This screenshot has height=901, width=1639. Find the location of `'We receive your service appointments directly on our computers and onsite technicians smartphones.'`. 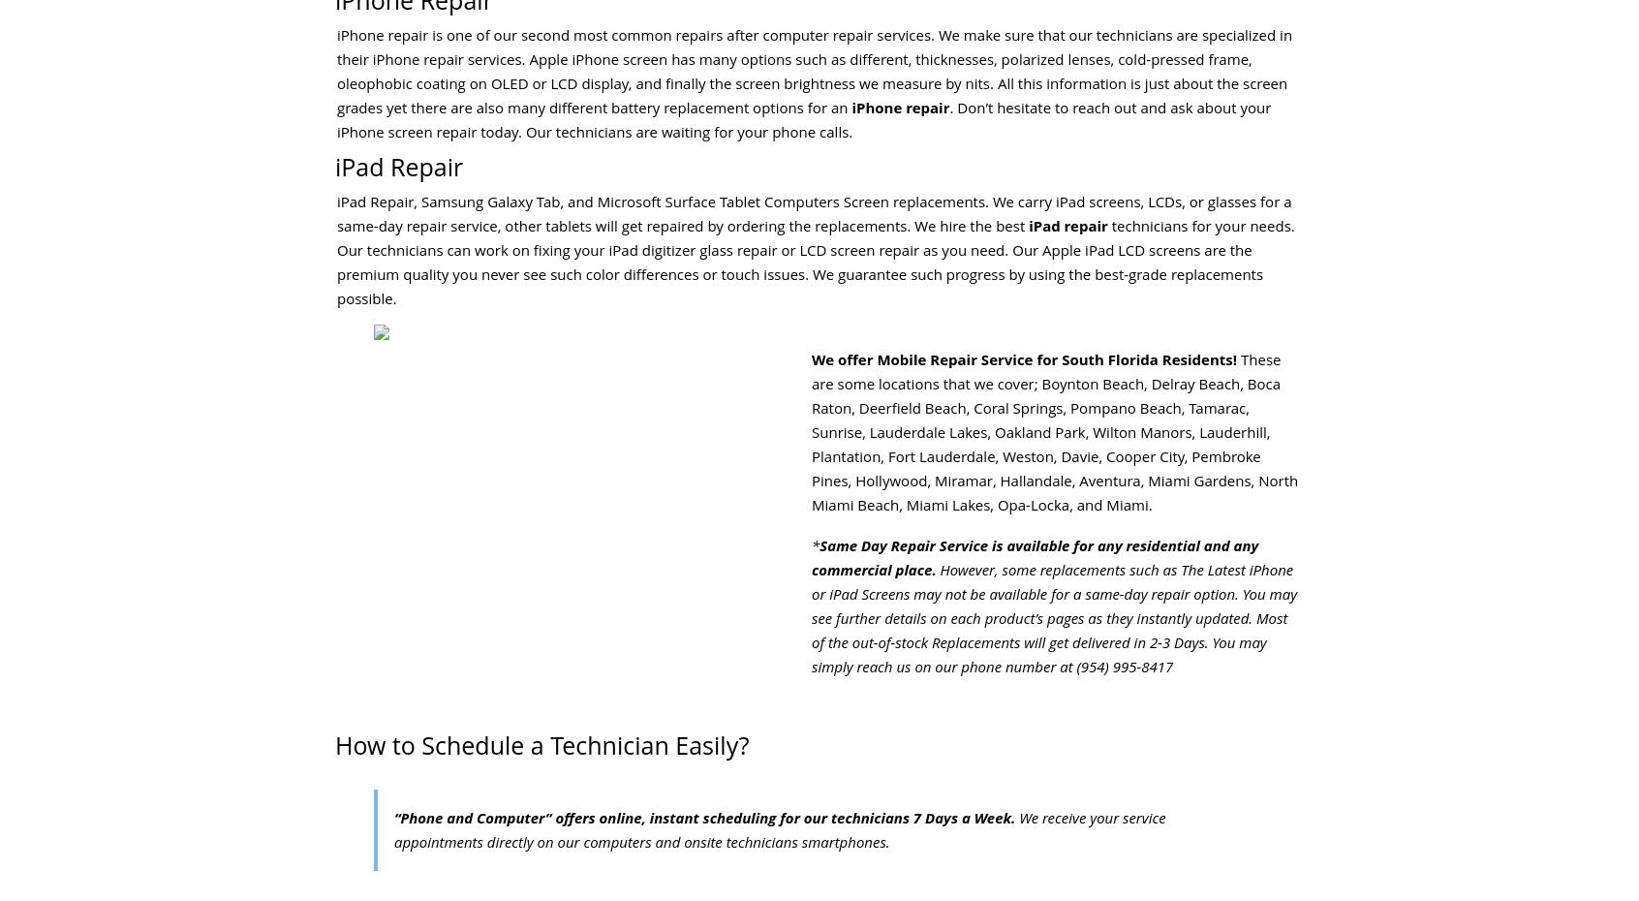

'We receive your service appointments directly on our computers and onsite technicians smartphones.' is located at coordinates (393, 829).